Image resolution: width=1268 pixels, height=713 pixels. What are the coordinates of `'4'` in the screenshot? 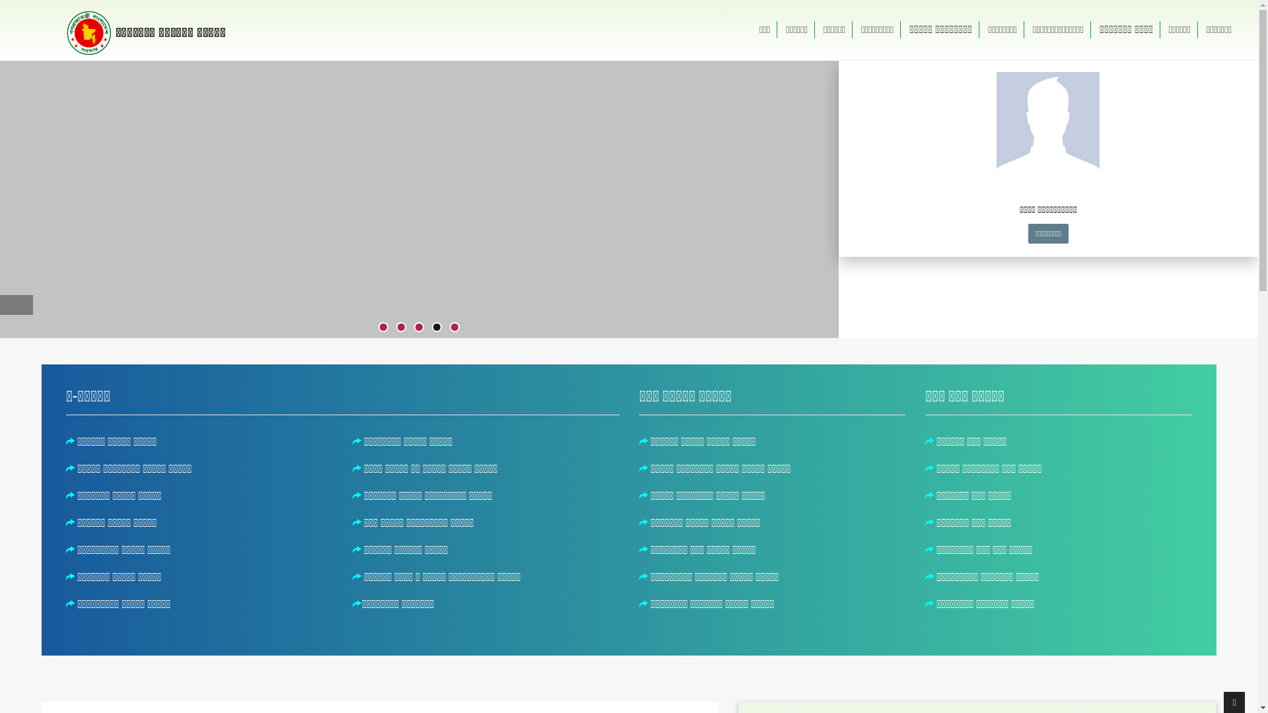 It's located at (437, 327).